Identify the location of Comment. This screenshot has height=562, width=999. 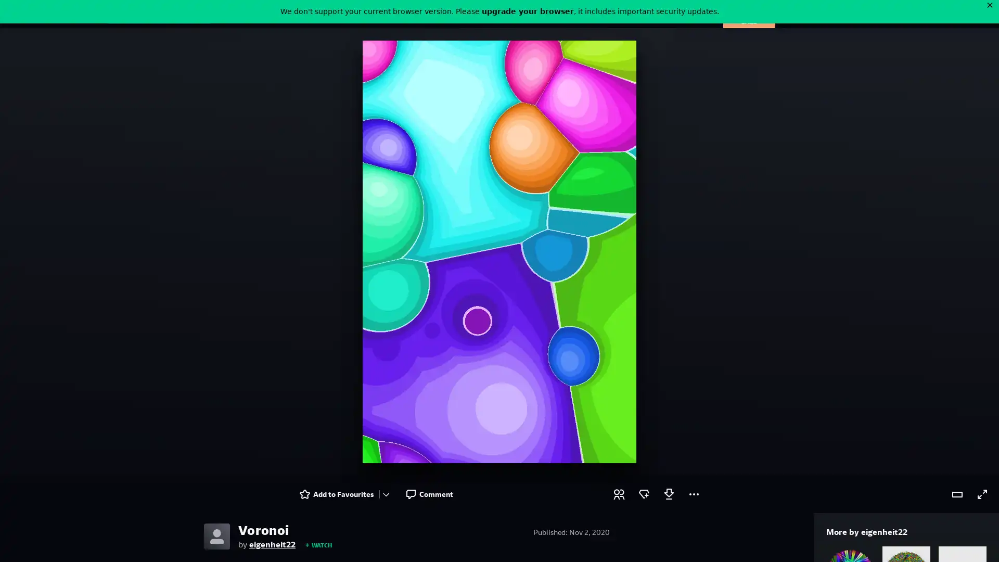
(336, 493).